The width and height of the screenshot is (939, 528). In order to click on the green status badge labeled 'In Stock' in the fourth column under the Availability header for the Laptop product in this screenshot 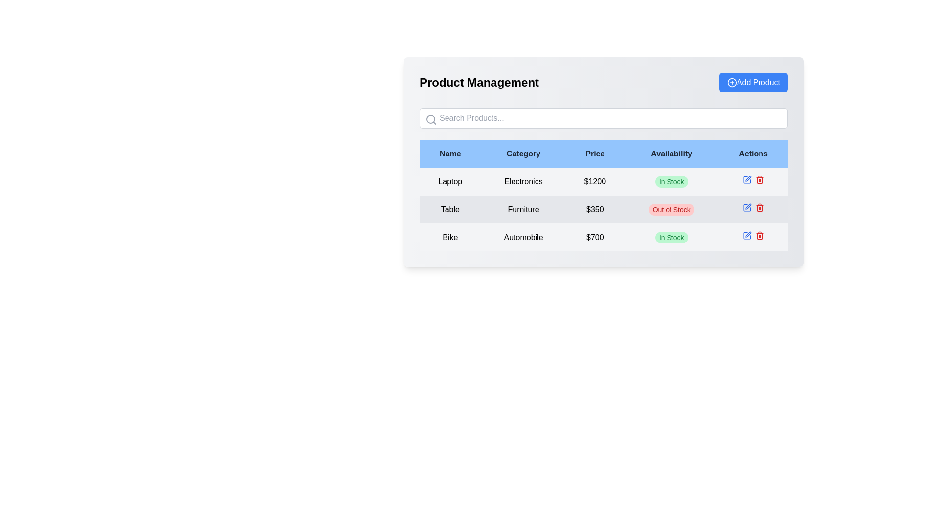, I will do `click(671, 181)`.